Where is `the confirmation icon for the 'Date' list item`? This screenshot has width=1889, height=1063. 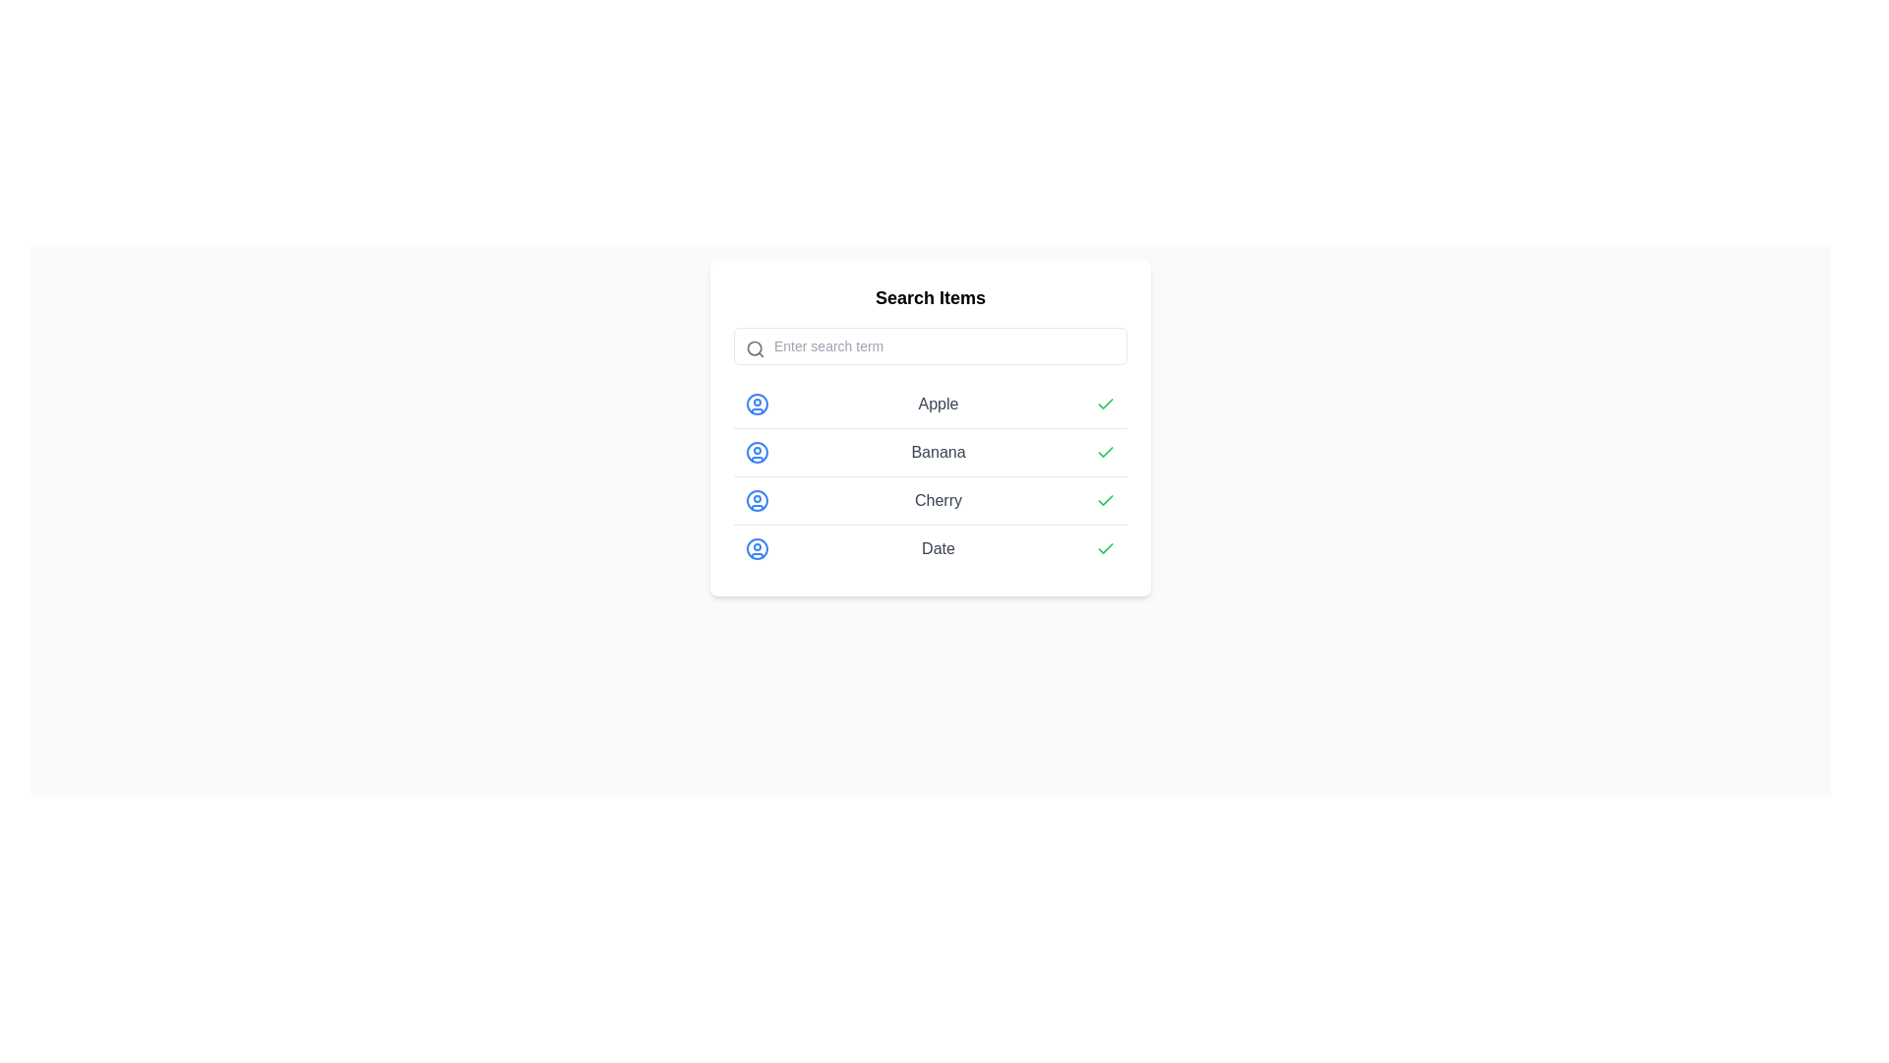
the confirmation icon for the 'Date' list item is located at coordinates (1105, 549).